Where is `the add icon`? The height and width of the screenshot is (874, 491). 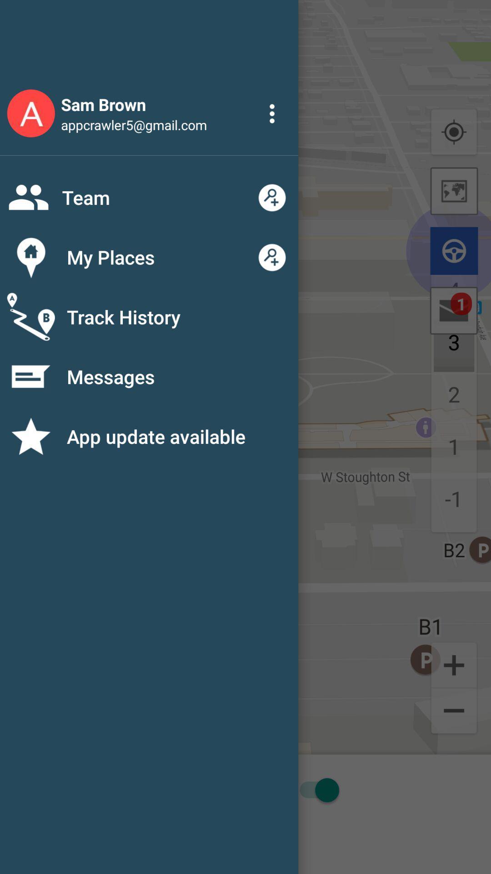 the add icon is located at coordinates (454, 664).